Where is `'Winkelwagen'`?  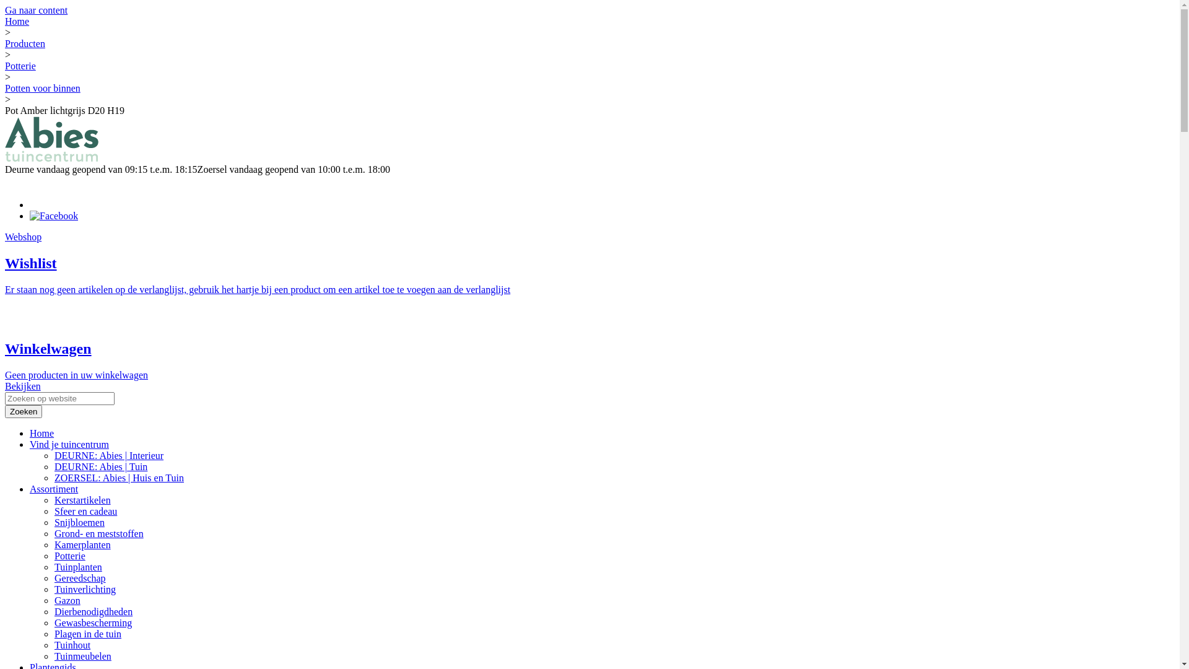 'Winkelwagen' is located at coordinates (48, 349).